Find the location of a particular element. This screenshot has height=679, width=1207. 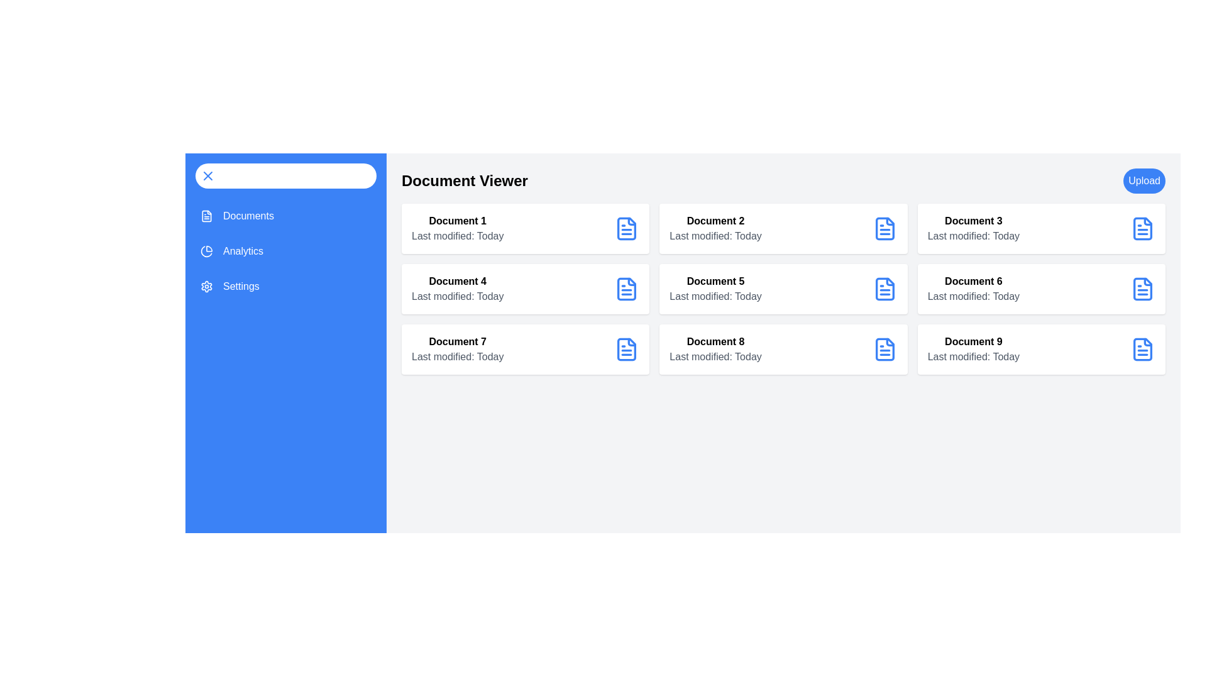

the menu item Documents from the sidebar menu is located at coordinates (285, 215).